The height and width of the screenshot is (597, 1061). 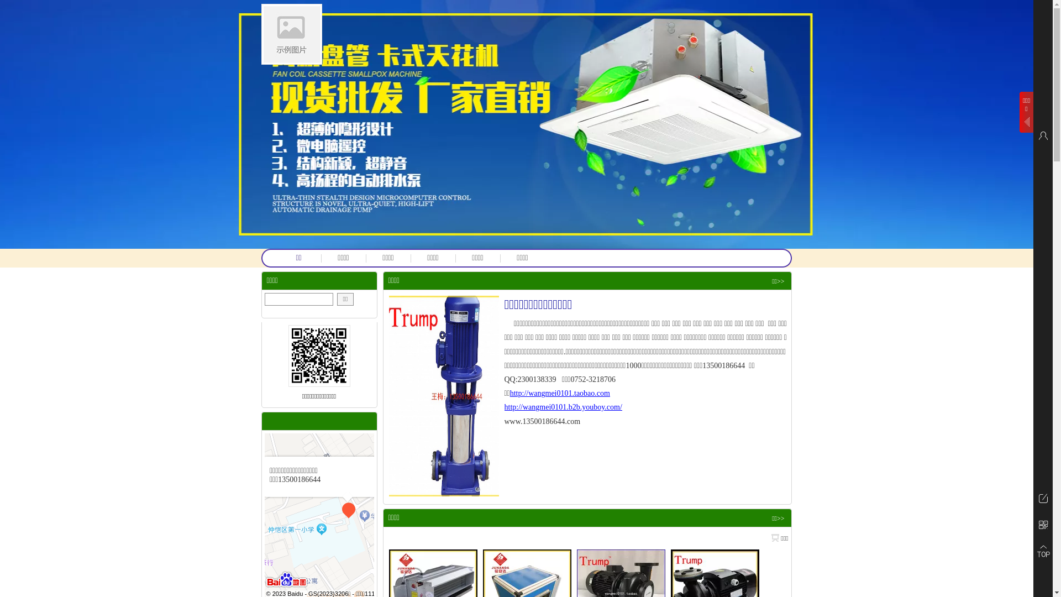 What do you see at coordinates (560, 393) in the screenshot?
I see `'http://wangmei0101.taobao.com'` at bounding box center [560, 393].